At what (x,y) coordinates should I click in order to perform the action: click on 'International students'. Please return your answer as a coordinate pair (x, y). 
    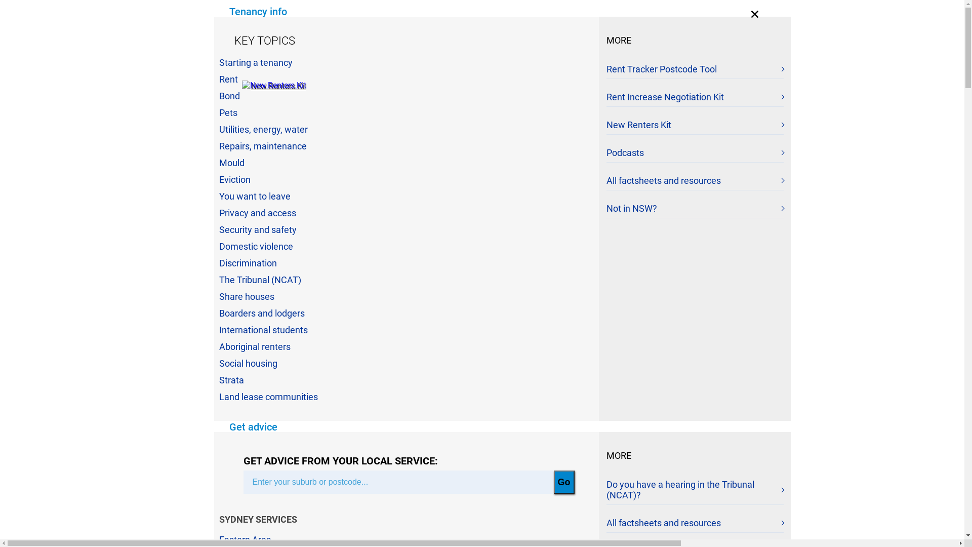
    Looking at the image, I should click on (218, 330).